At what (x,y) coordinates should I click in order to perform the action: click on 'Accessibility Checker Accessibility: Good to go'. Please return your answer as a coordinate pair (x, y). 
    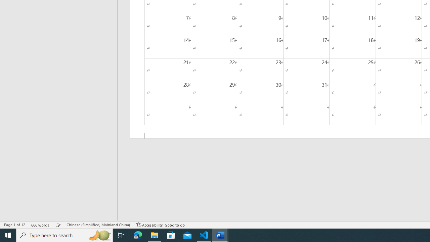
    Looking at the image, I should click on (160, 225).